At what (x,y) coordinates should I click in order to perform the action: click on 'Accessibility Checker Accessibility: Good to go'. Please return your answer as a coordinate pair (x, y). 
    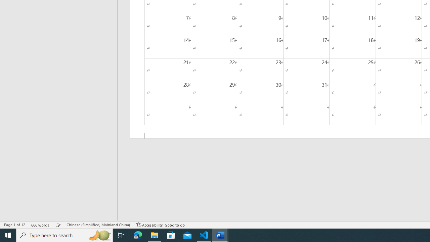
    Looking at the image, I should click on (160, 225).